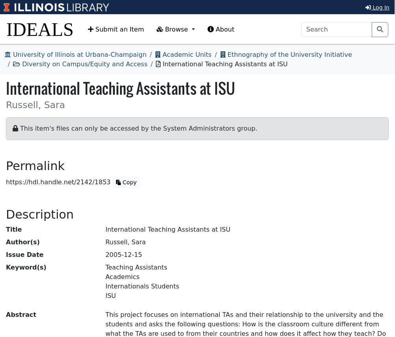 The width and height of the screenshot is (395, 337). I want to click on 'PRIMARY', so click(238, 246).